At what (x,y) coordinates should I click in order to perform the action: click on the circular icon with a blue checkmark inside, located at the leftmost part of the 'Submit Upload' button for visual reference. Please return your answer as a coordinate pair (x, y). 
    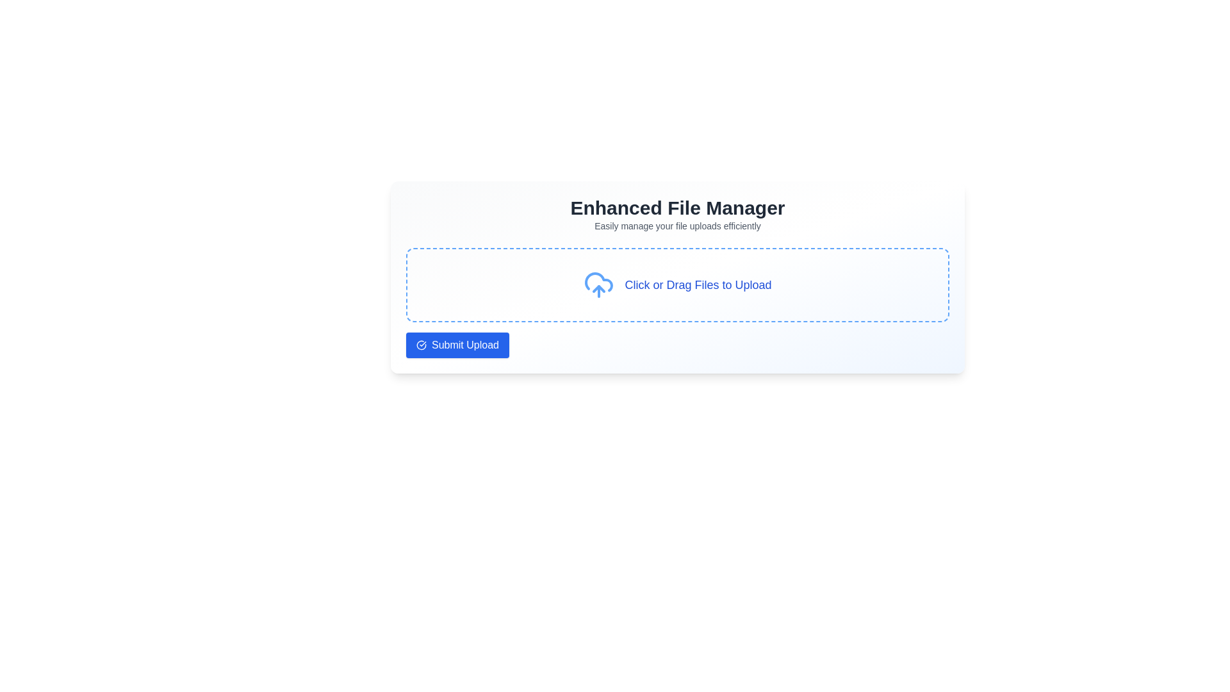
    Looking at the image, I should click on (421, 345).